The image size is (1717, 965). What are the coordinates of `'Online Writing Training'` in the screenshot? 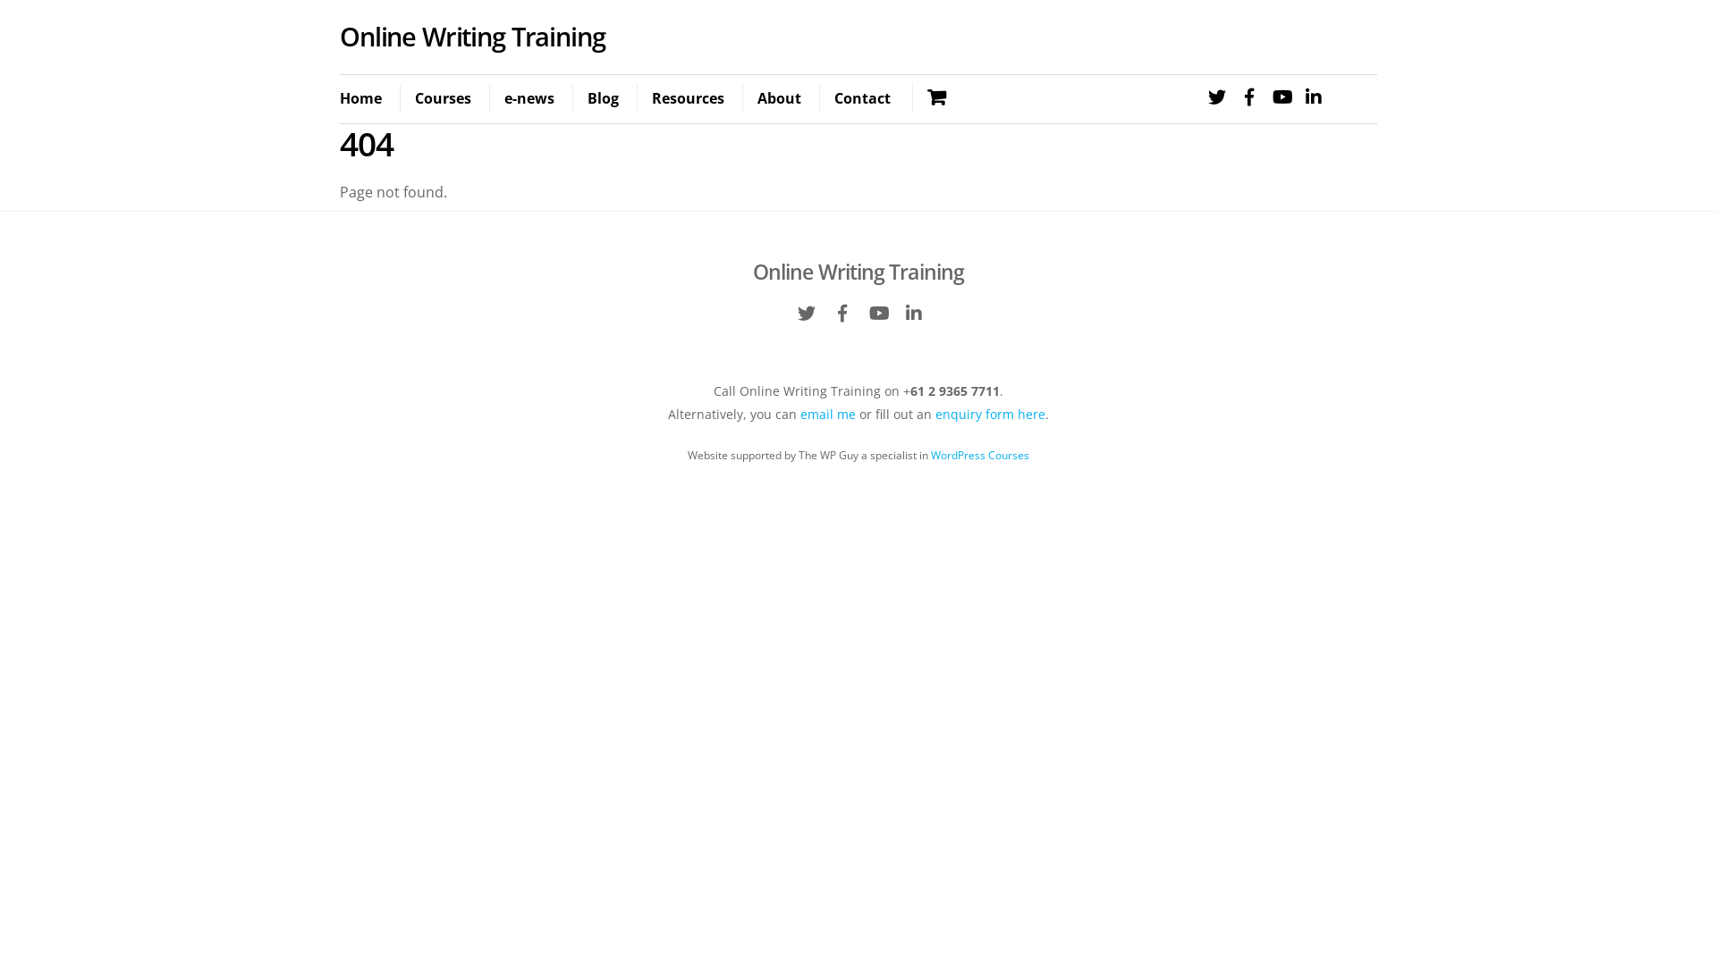 It's located at (858, 272).